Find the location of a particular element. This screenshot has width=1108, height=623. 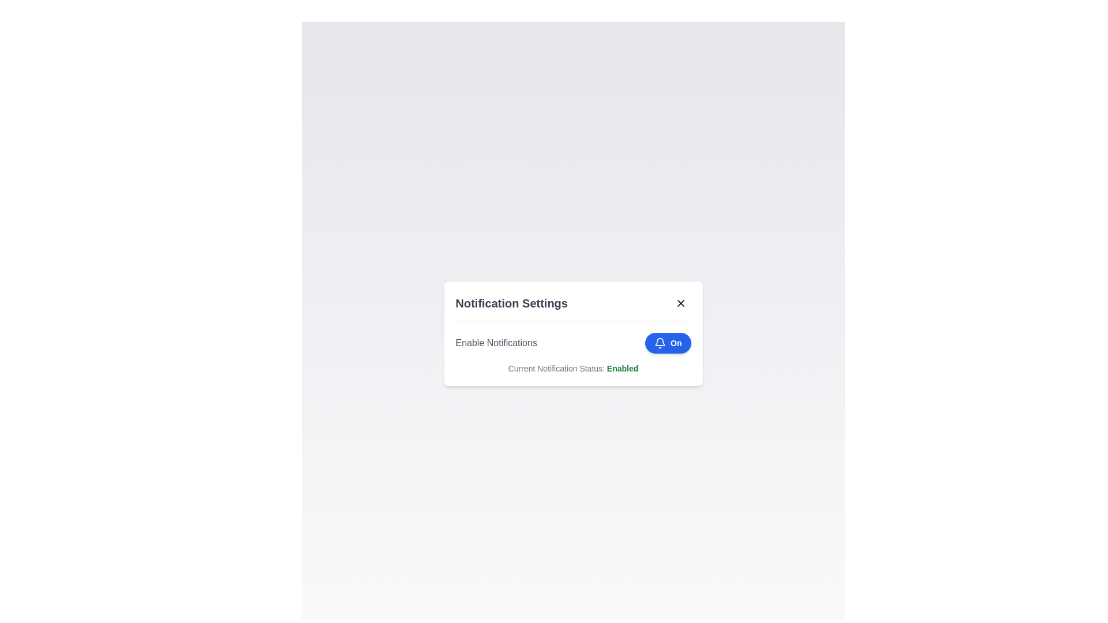

the 'close' icon represented by an 'X' character located at the top-right corner of the notification settings modal is located at coordinates (680, 302).